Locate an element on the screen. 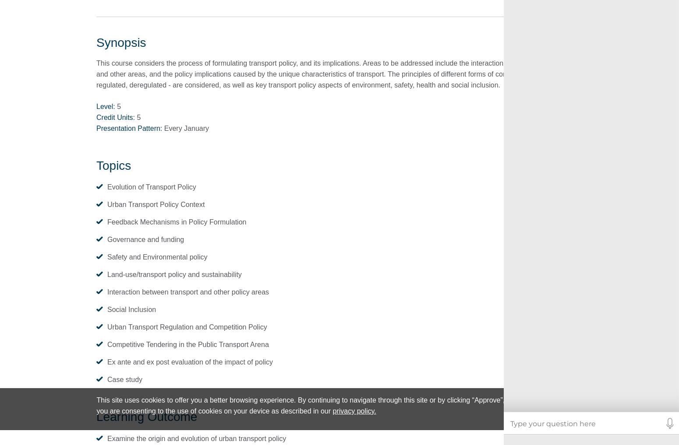 Image resolution: width=679 pixels, height=445 pixels. 'Approve' is located at coordinates (556, 405).